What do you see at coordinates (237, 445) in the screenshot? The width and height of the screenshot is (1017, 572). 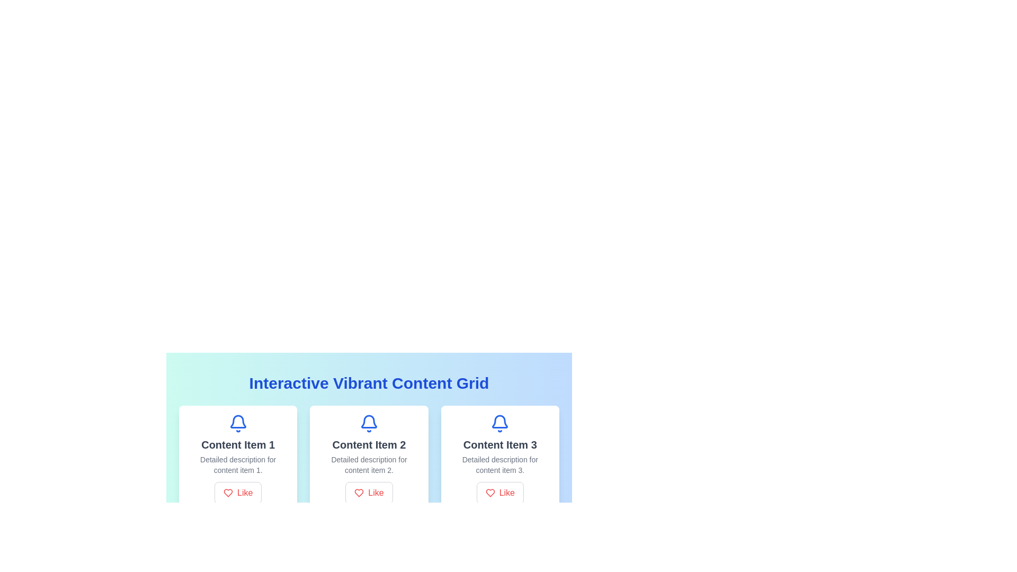 I see `text element displaying the title 'Content Item 1', which is styled in bold and larger font, located in the first card of a three-card grid layout` at bounding box center [237, 445].